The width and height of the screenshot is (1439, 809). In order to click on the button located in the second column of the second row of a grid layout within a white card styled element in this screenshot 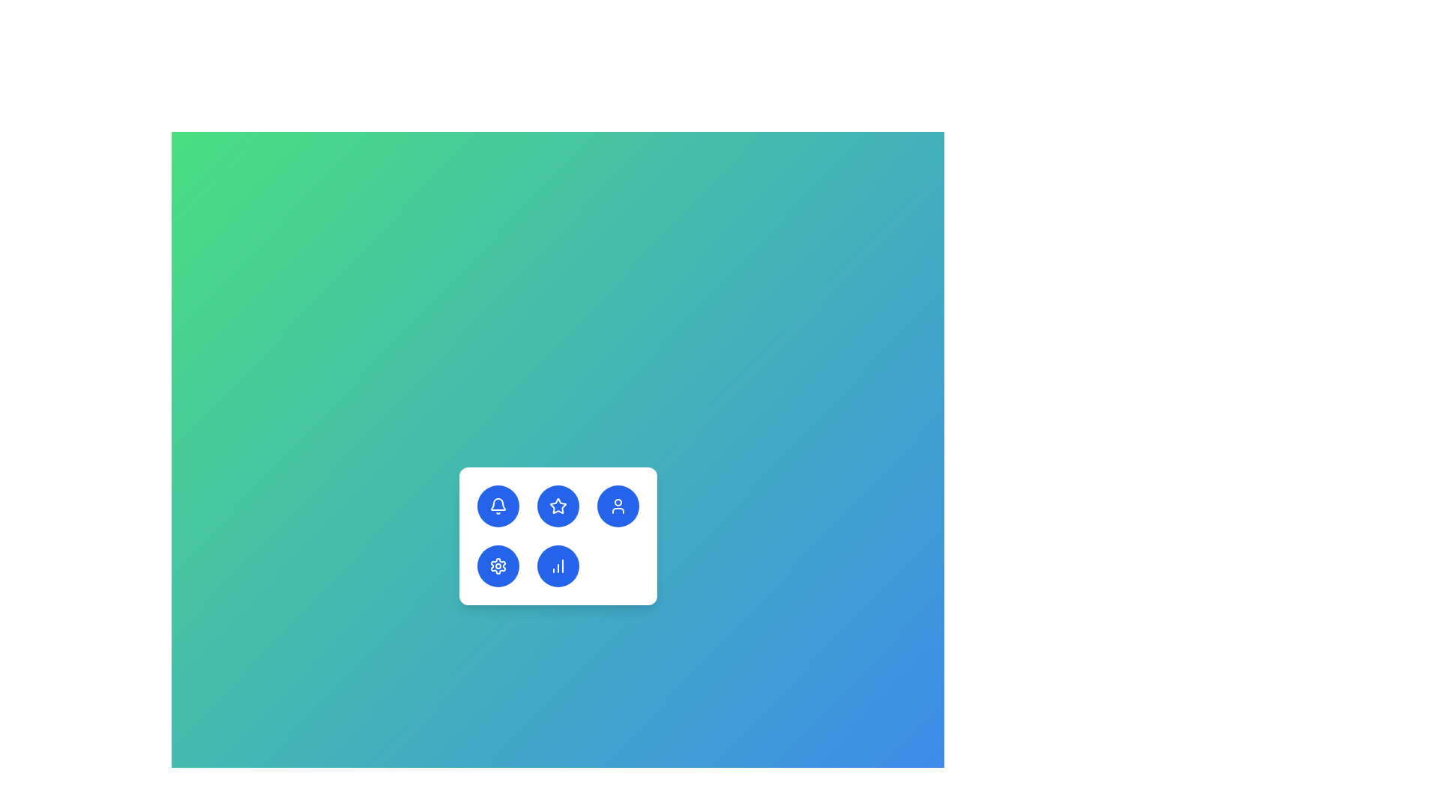, I will do `click(557, 536)`.